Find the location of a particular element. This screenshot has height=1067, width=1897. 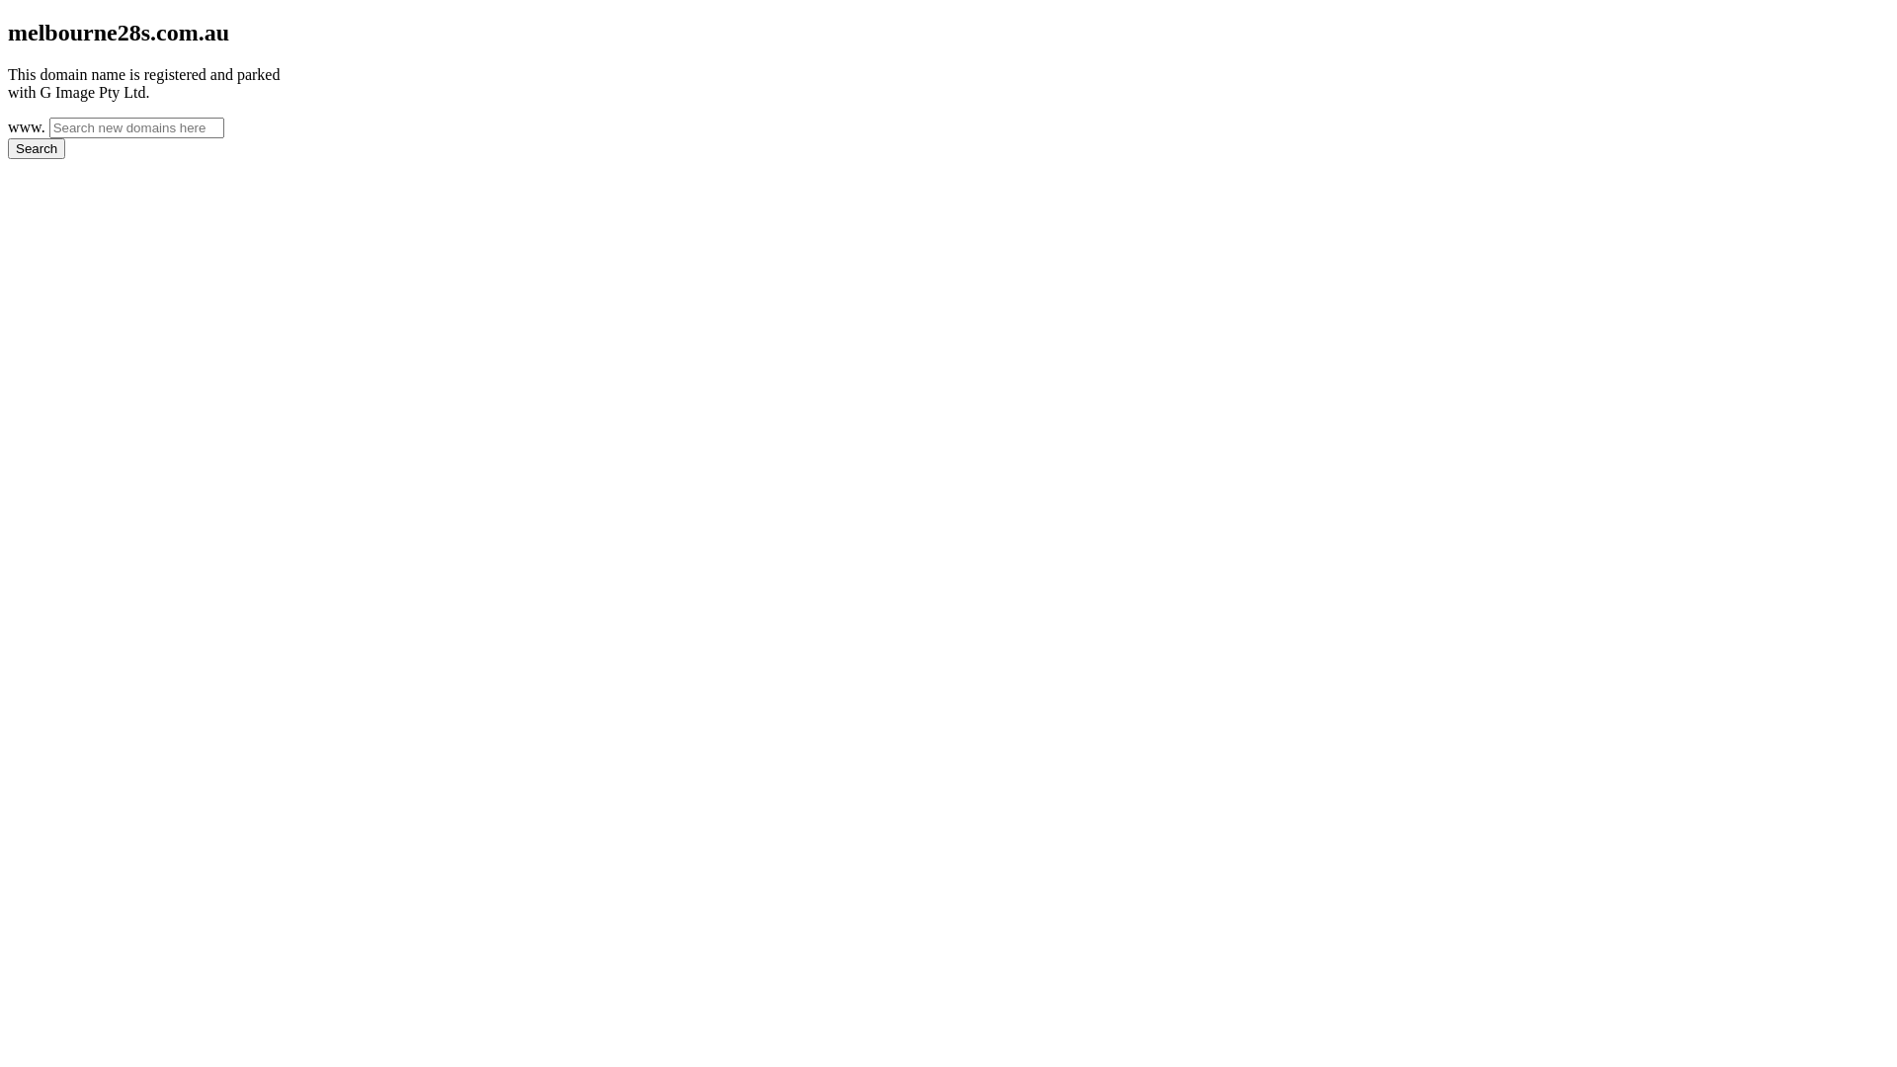

'Search' is located at coordinates (37, 147).